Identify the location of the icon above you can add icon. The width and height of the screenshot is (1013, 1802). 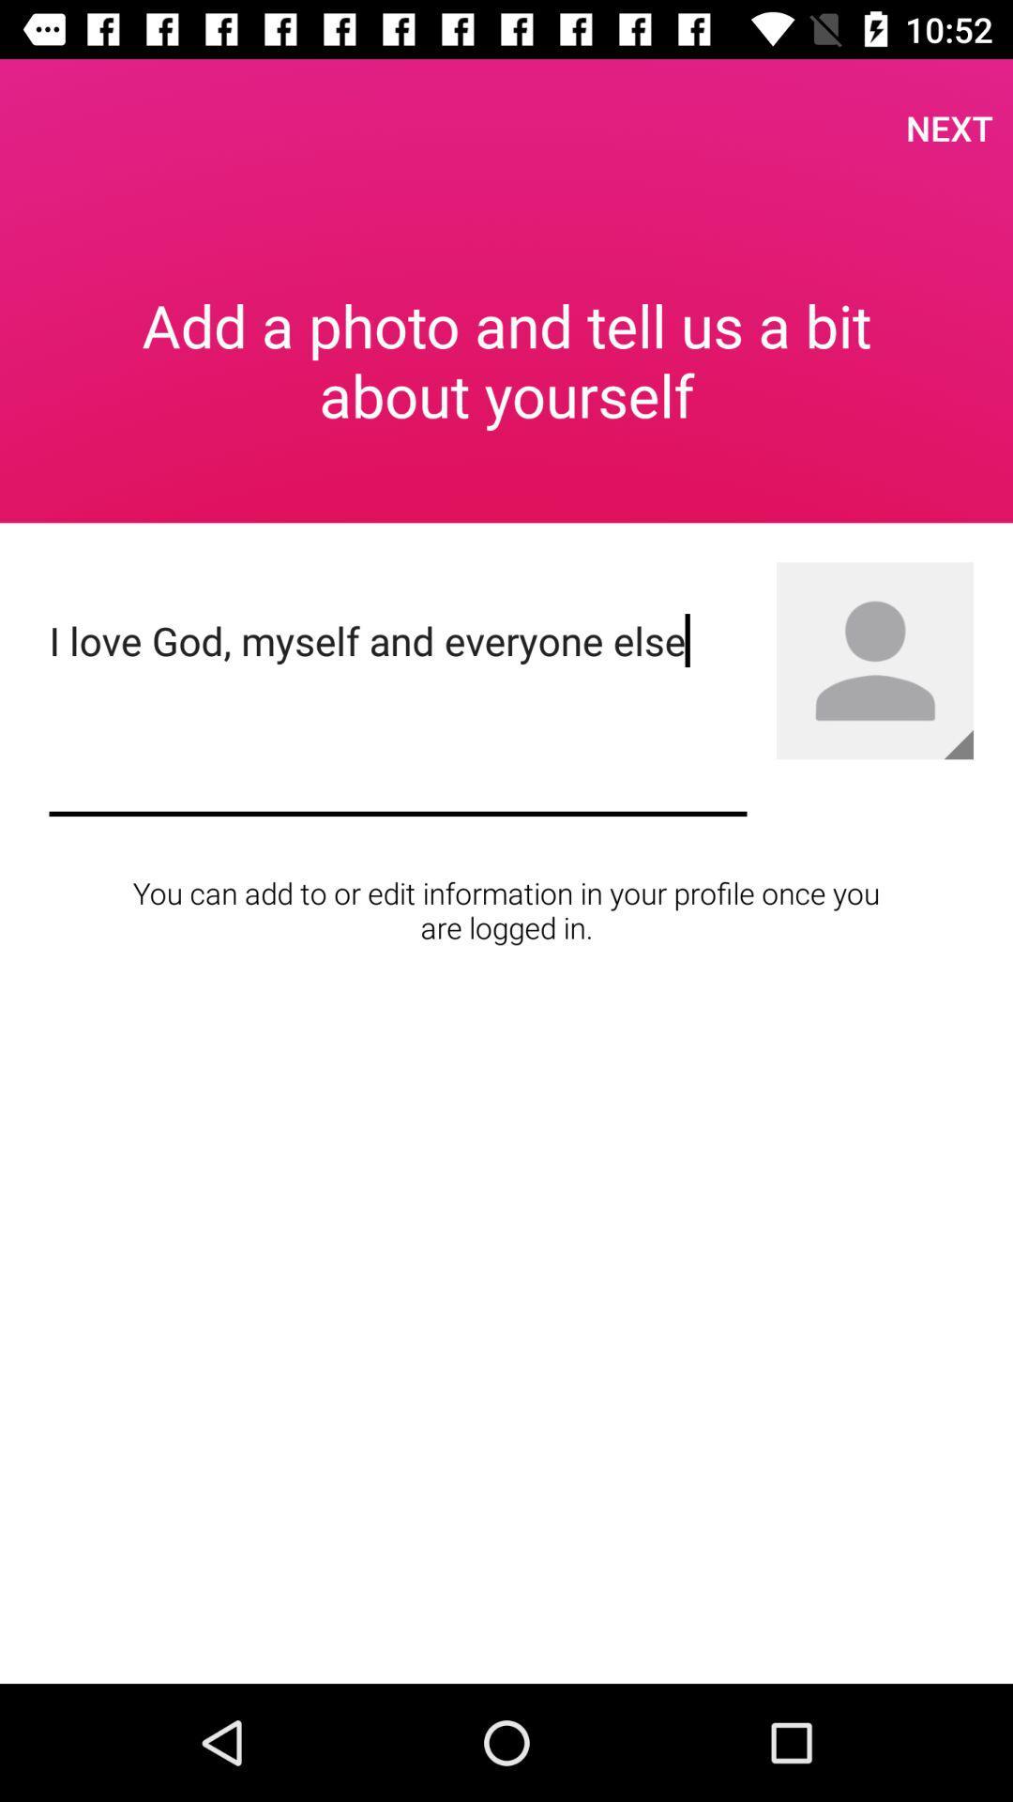
(397, 710).